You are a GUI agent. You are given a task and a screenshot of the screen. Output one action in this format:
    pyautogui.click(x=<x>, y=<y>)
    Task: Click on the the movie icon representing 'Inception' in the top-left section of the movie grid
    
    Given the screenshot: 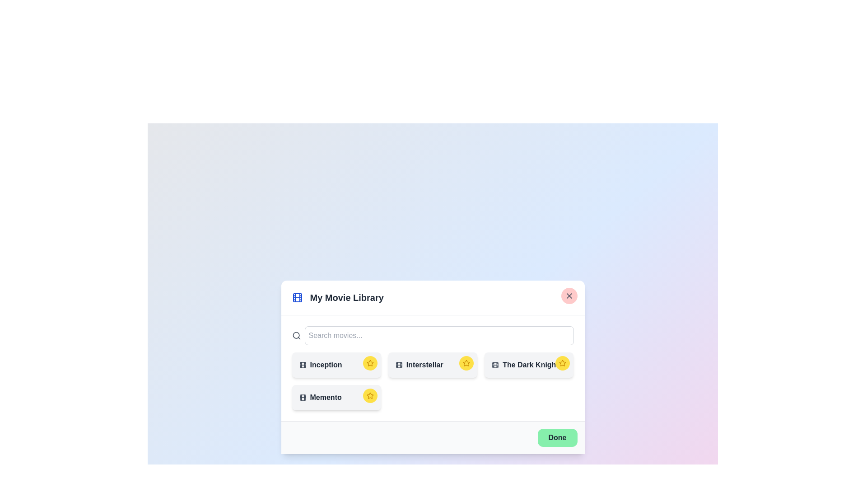 What is the action you would take?
    pyautogui.click(x=303, y=364)
    